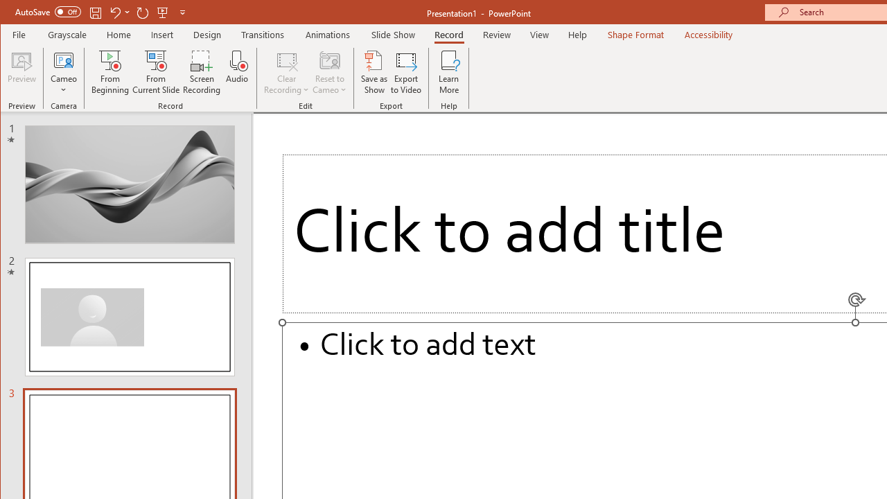 The width and height of the screenshot is (887, 499). What do you see at coordinates (237, 72) in the screenshot?
I see `'Audio'` at bounding box center [237, 72].